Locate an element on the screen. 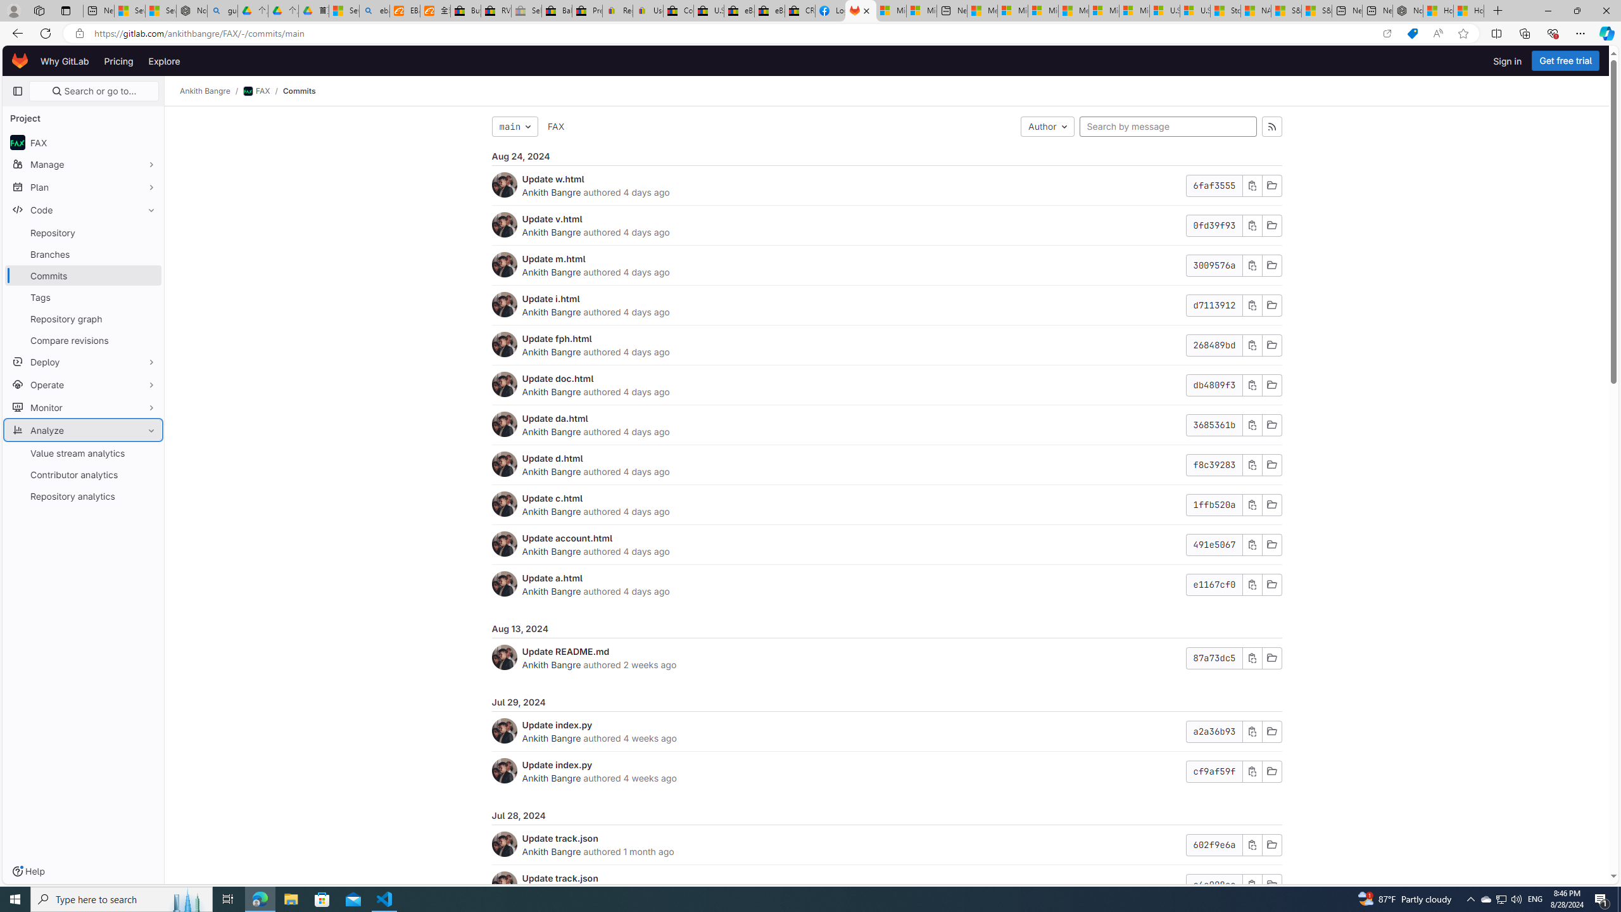  'Update doc.htmlAnkith Bangre authored 4 days agodb4809f3' is located at coordinates (886, 385).